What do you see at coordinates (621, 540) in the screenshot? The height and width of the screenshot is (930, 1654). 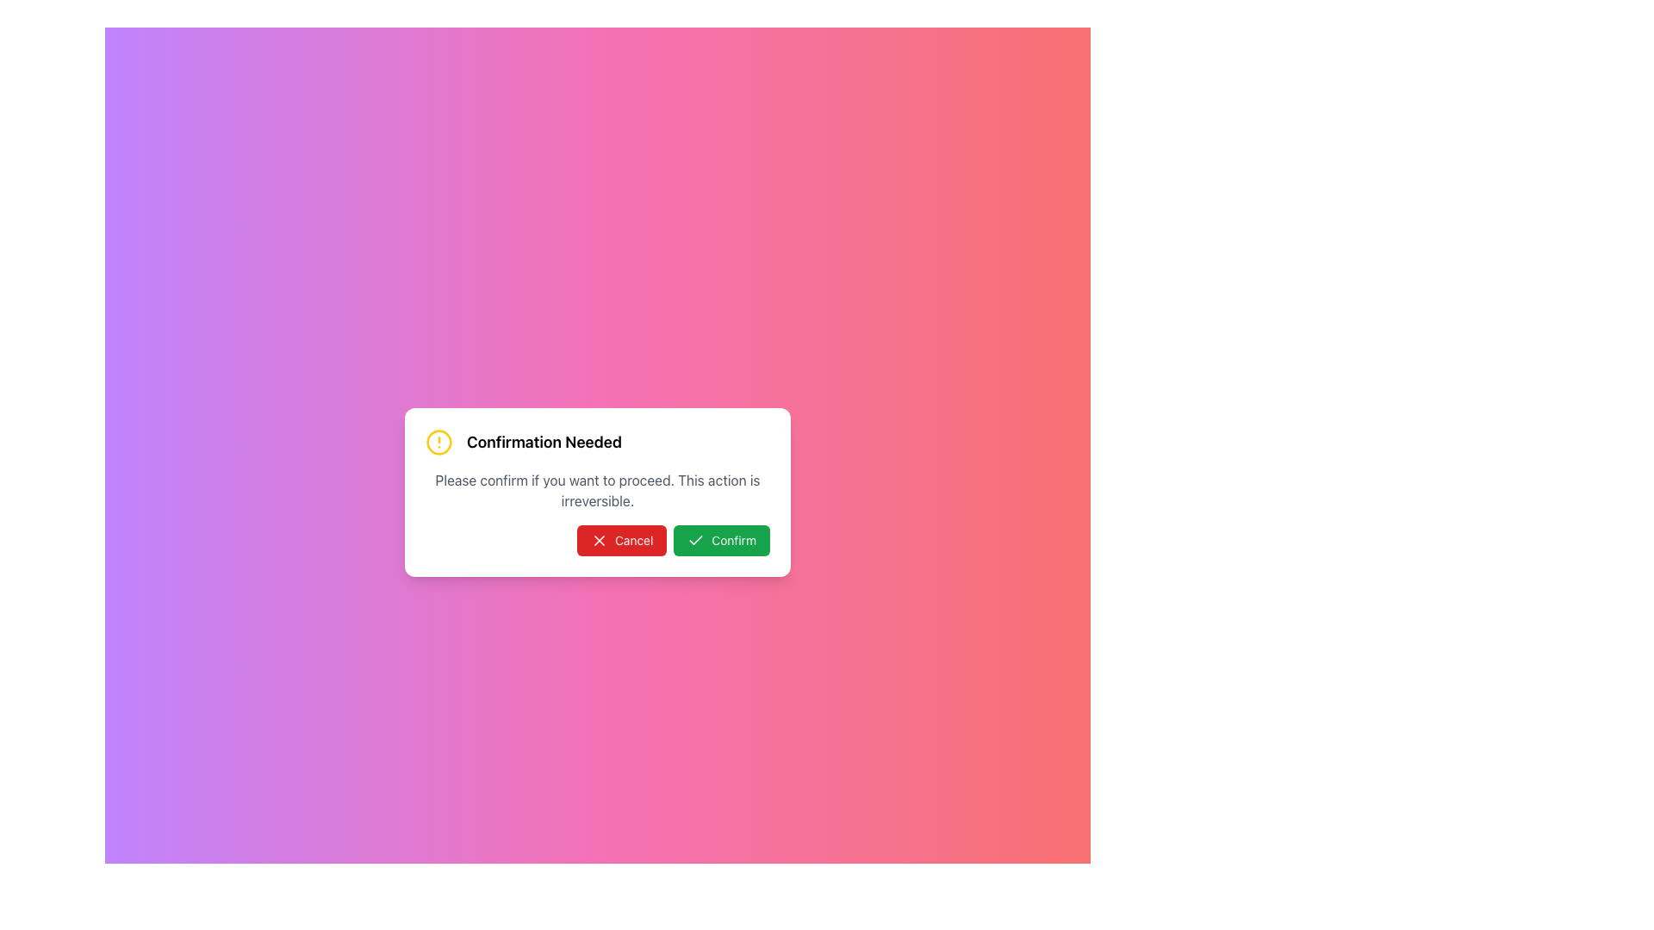 I see `the red 'Cancel' button with rounded corners that contains a white 'X' icon and the text 'Cancel' centered, positioned at the bottom left of the modal dialog` at bounding box center [621, 540].